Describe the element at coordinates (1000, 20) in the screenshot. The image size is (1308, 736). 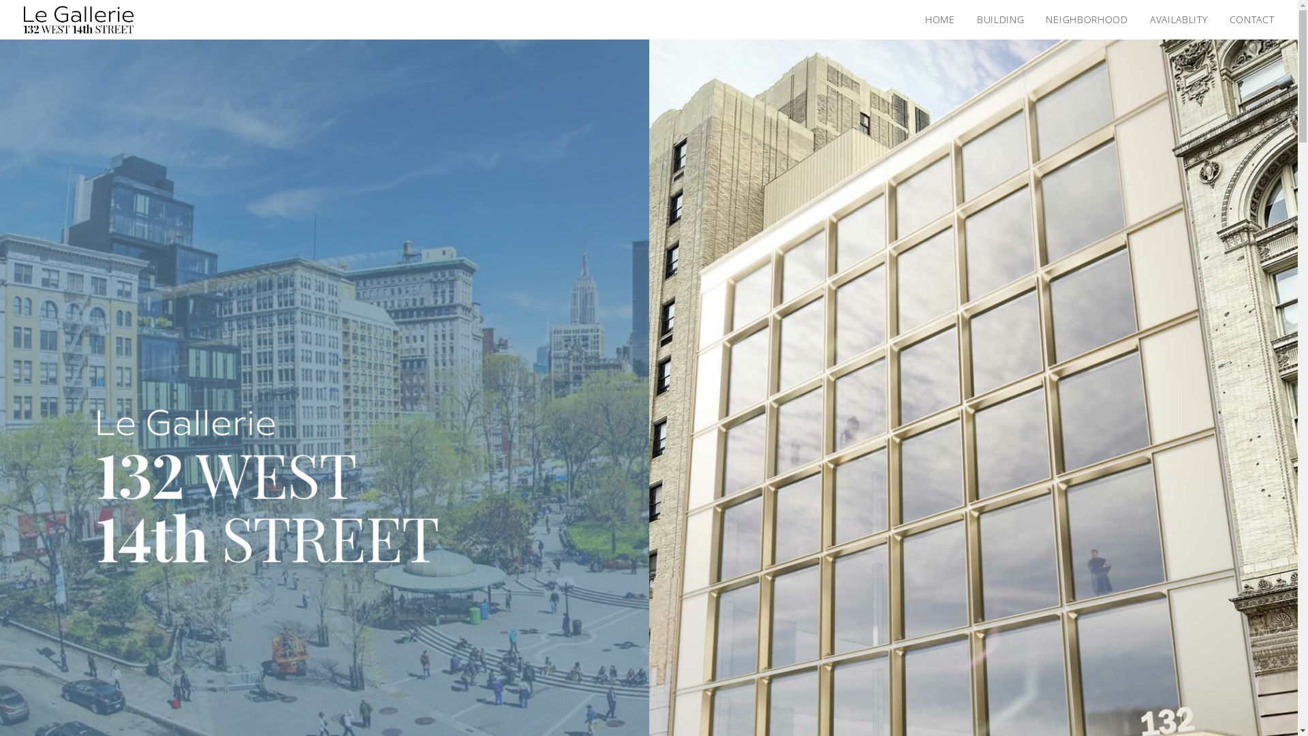
I see `'BUILDING'` at that location.